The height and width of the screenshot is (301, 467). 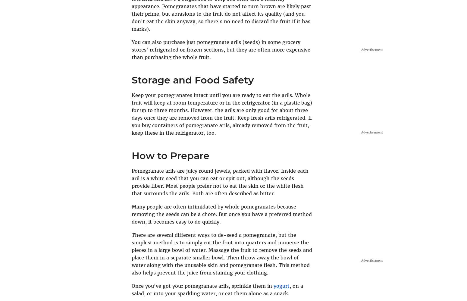 I want to click on 'yogurt', so click(x=281, y=285).